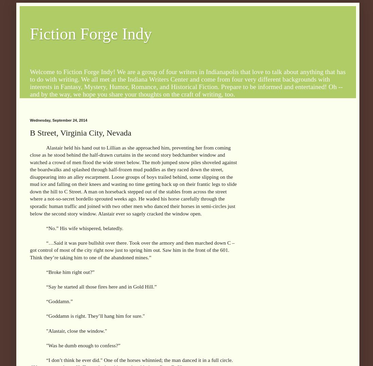  I want to click on '“Say he started all those fires
here and in Gold Hill.”', so click(101, 286).